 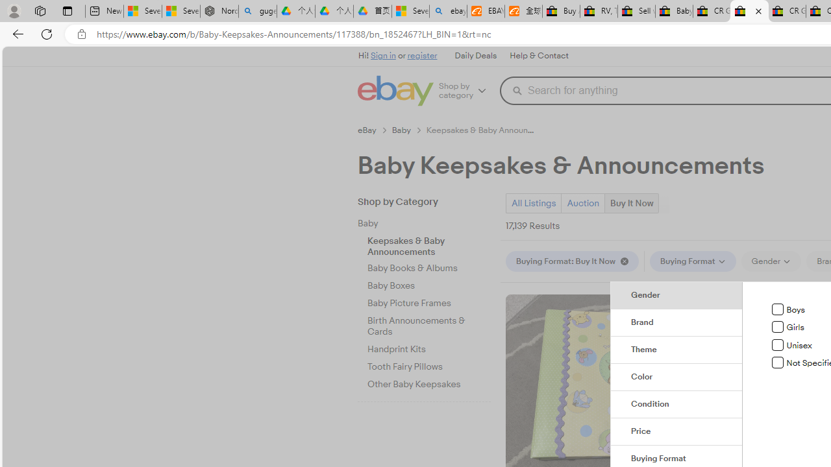 I want to click on 'Sell worldwide with eBay', so click(x=636, y=11).